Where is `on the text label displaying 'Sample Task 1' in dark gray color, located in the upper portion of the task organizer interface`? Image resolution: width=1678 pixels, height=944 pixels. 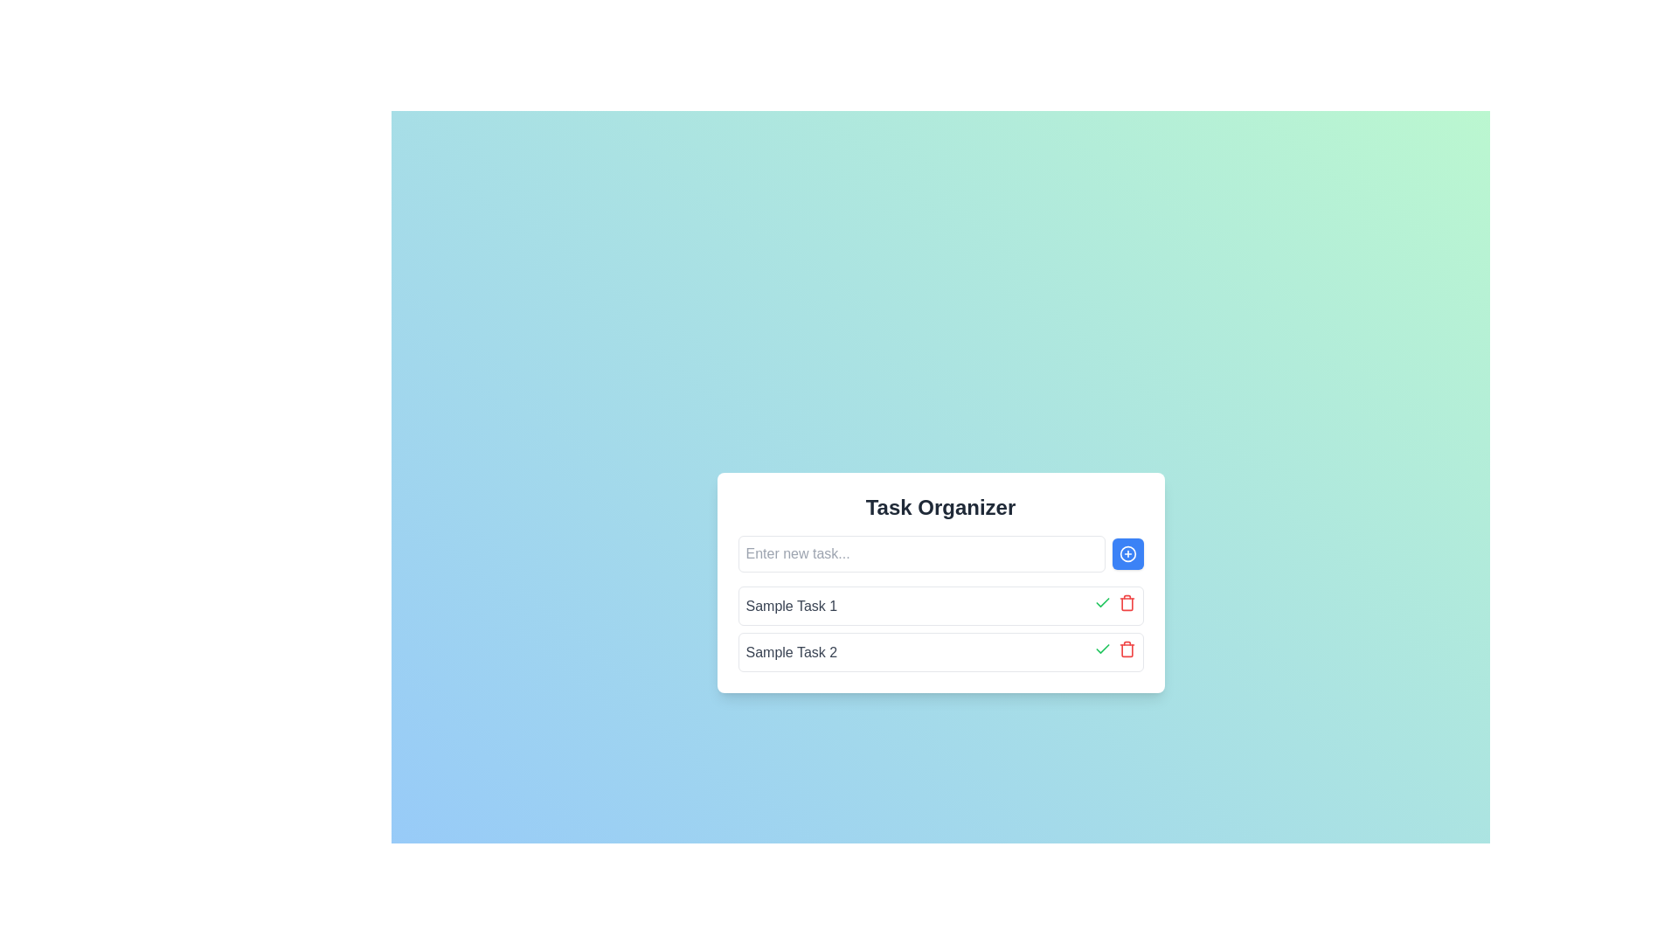 on the text label displaying 'Sample Task 1' in dark gray color, located in the upper portion of the task organizer interface is located at coordinates (790, 605).